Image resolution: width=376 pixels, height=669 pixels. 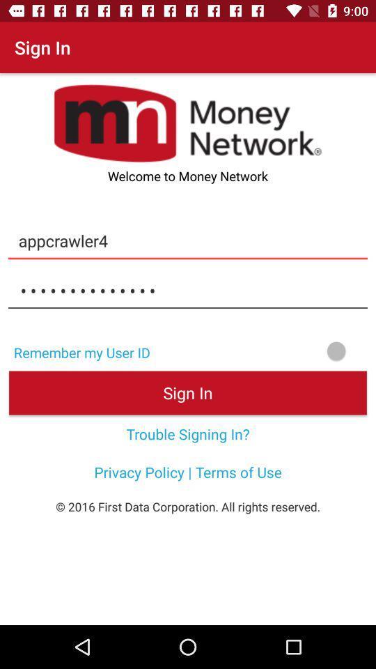 What do you see at coordinates (188, 433) in the screenshot?
I see `icon above privacy policy terms icon` at bounding box center [188, 433].